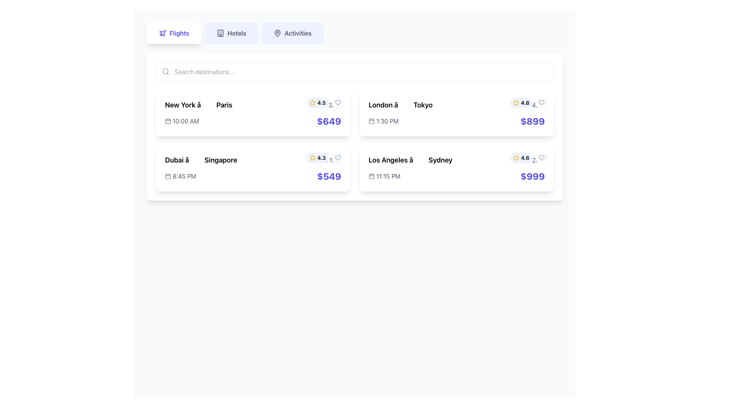 The width and height of the screenshot is (735, 413). Describe the element at coordinates (325, 157) in the screenshot. I see `Rating badge displaying '4.3' with a star icon in the top-right corner of the flight card from Dubai to Singapore` at that location.